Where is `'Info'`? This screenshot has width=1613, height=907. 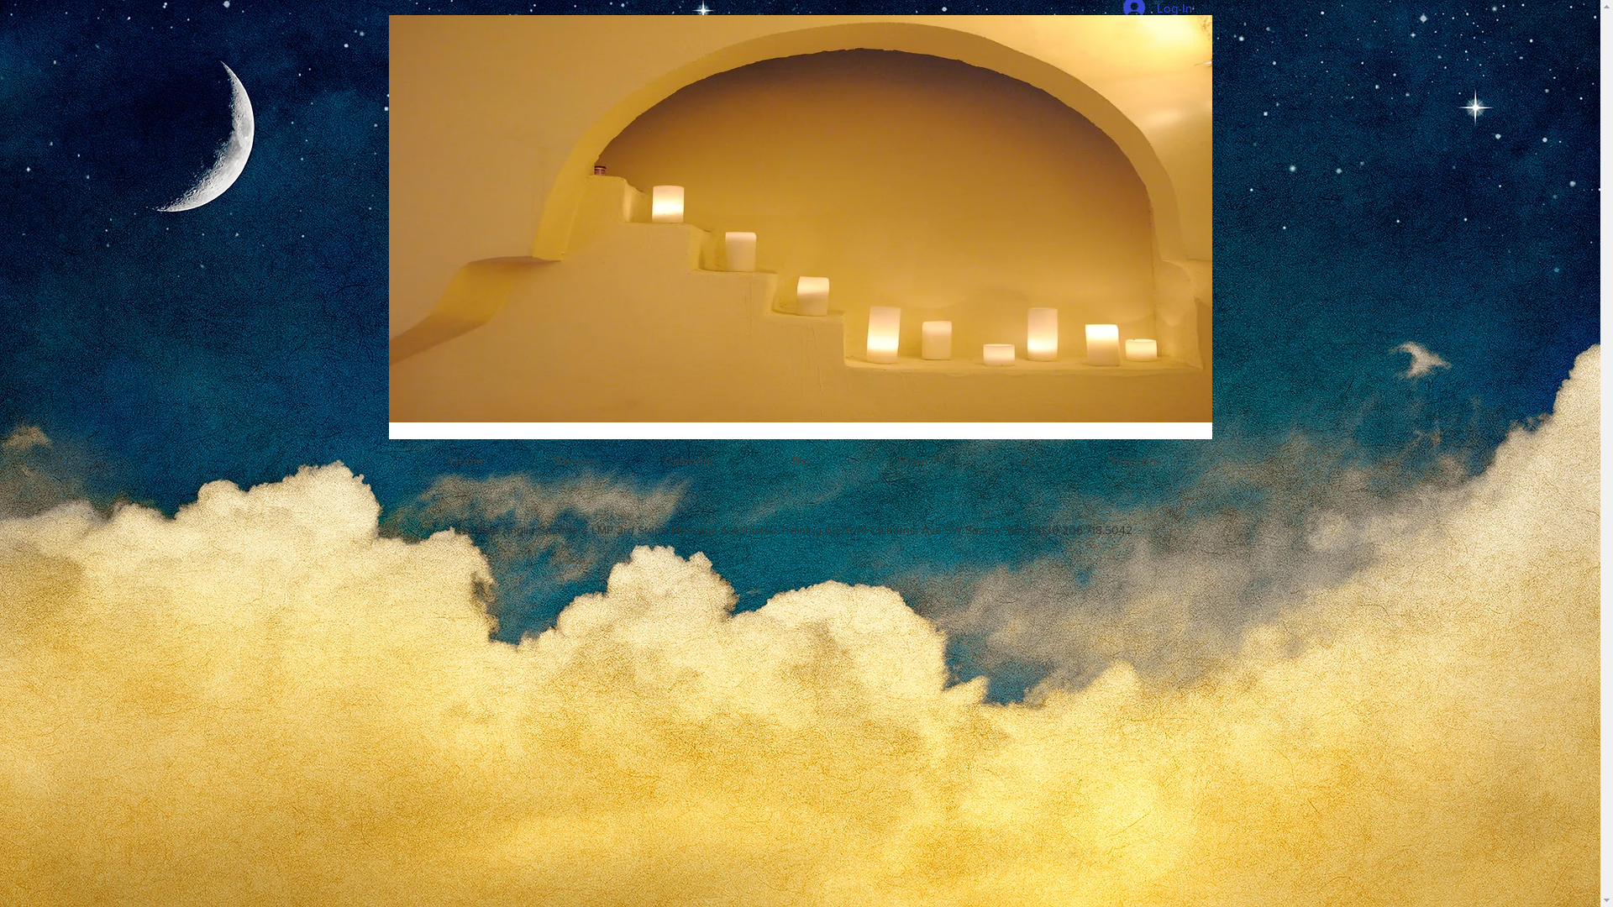 'Info' is located at coordinates (1023, 459).